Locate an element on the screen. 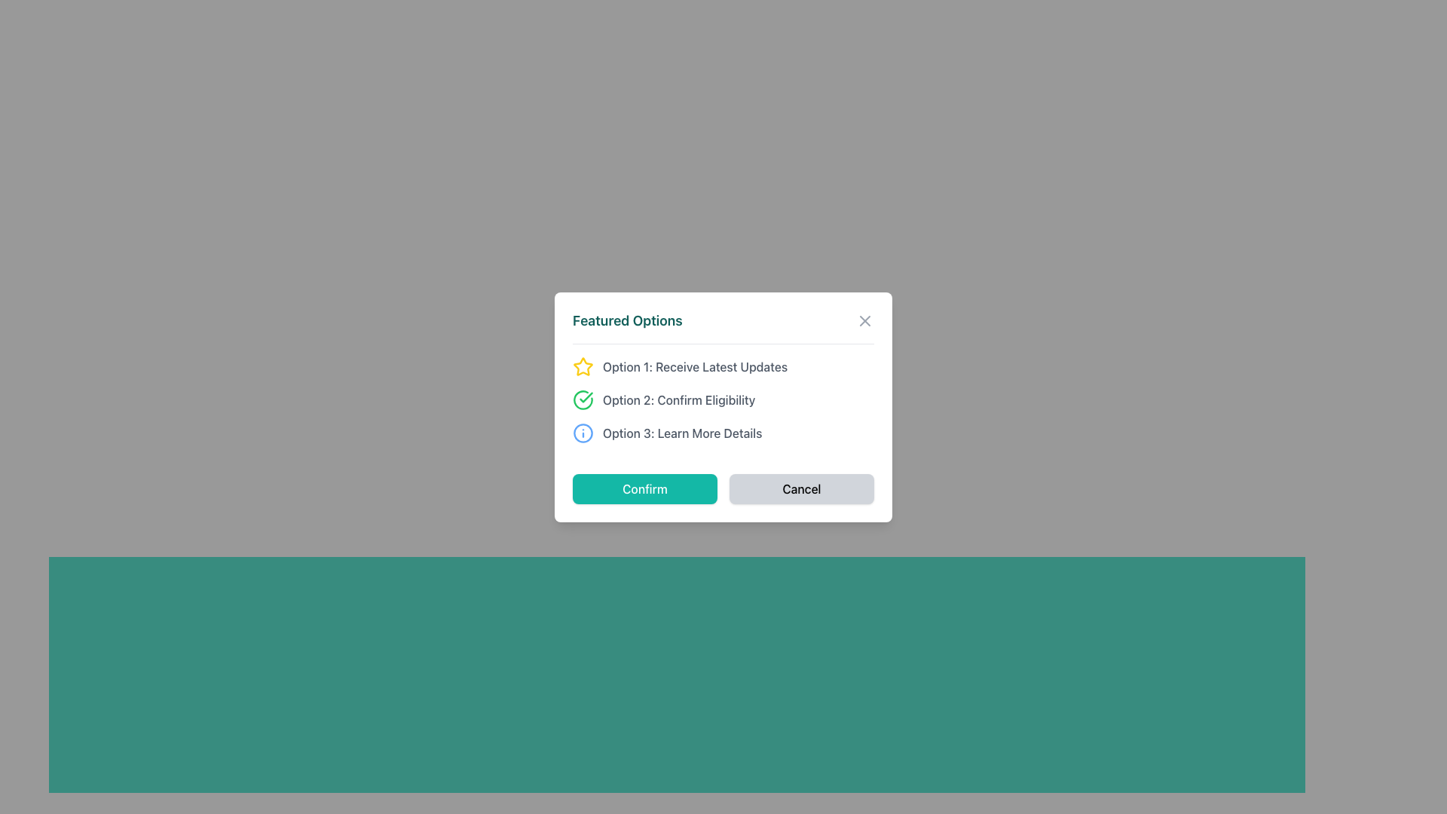  the close icon button located at the top-right corner of the modal is located at coordinates (864, 319).